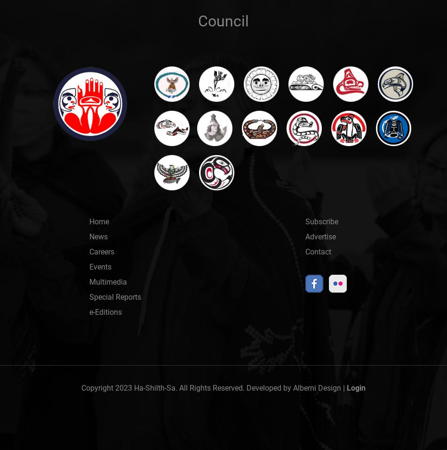 The image size is (447, 450). I want to click on 'e-Editions', so click(105, 311).